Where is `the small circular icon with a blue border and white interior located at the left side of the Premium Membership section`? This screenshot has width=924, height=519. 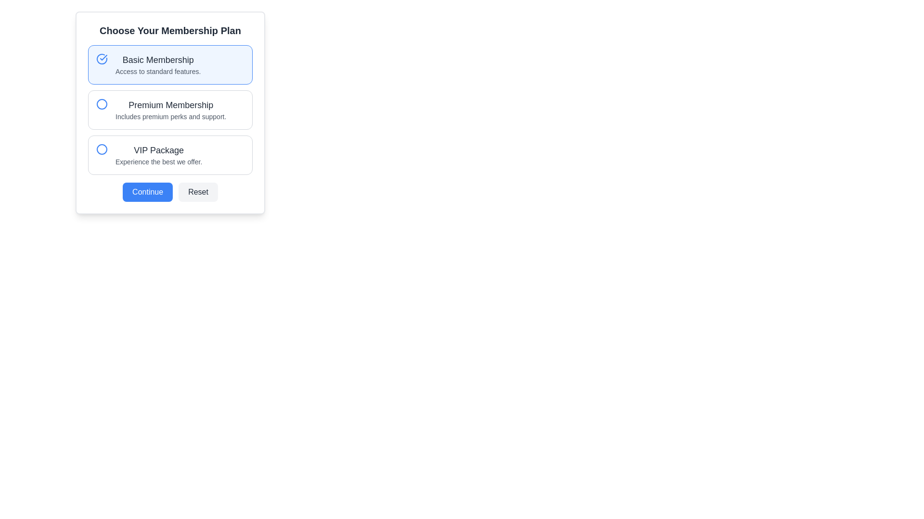
the small circular icon with a blue border and white interior located at the left side of the Premium Membership section is located at coordinates (102, 104).